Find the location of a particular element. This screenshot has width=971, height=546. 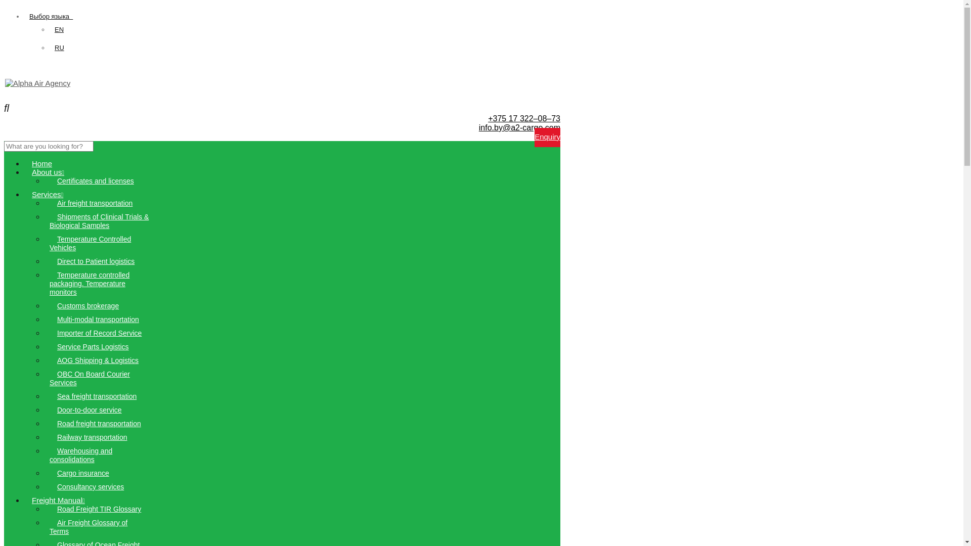

'Temperature Controlled Vehicles' is located at coordinates (90, 243).